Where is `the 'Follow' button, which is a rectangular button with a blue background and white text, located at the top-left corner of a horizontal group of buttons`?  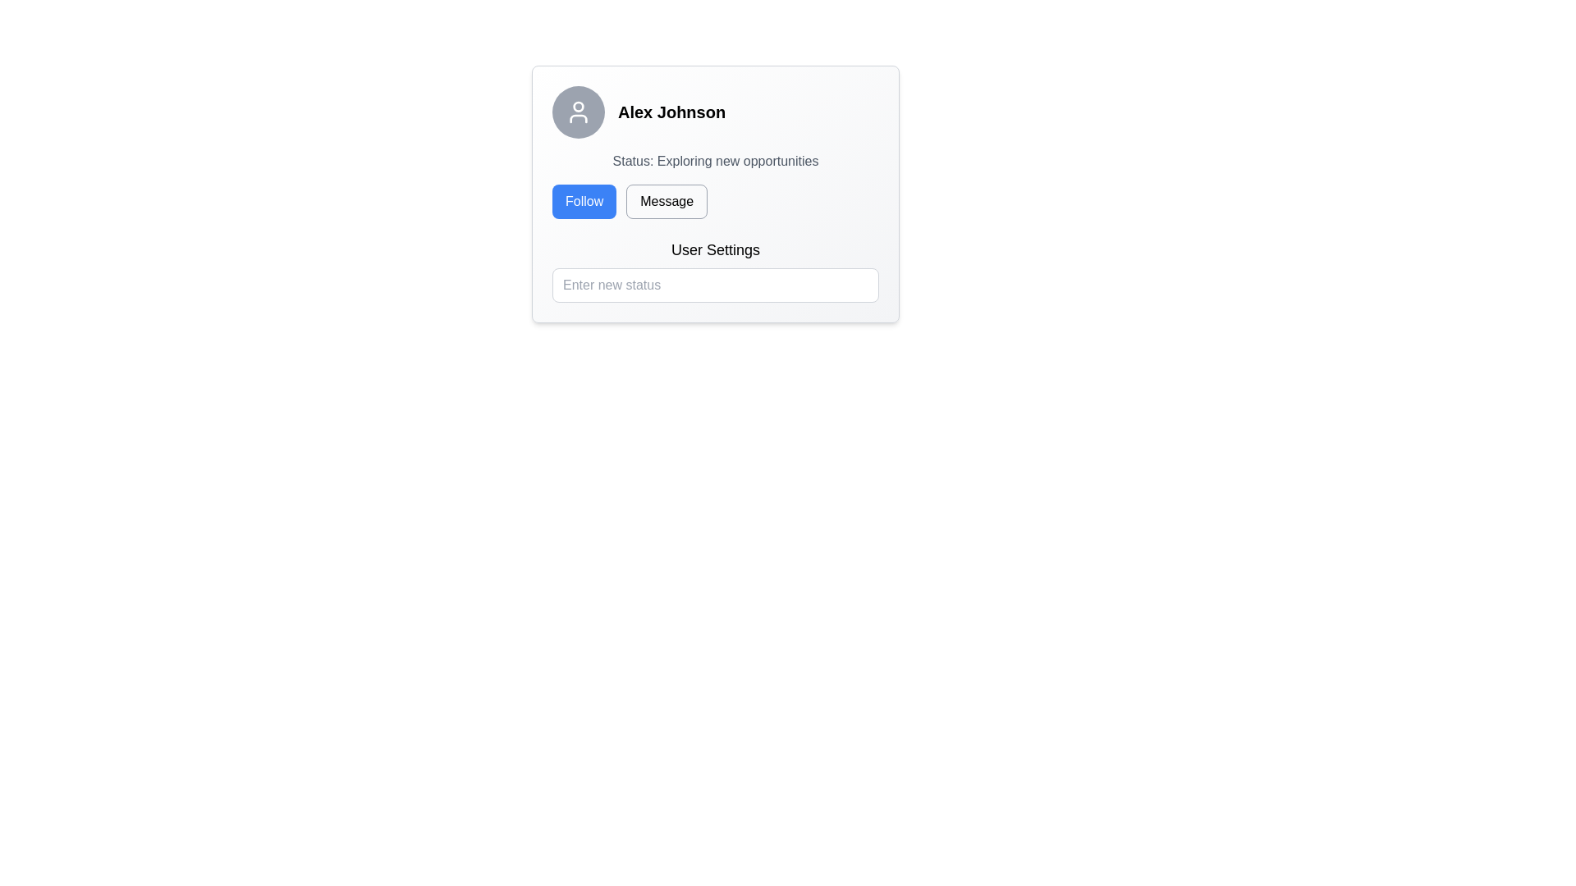 the 'Follow' button, which is a rectangular button with a blue background and white text, located at the top-left corner of a horizontal group of buttons is located at coordinates (584, 201).